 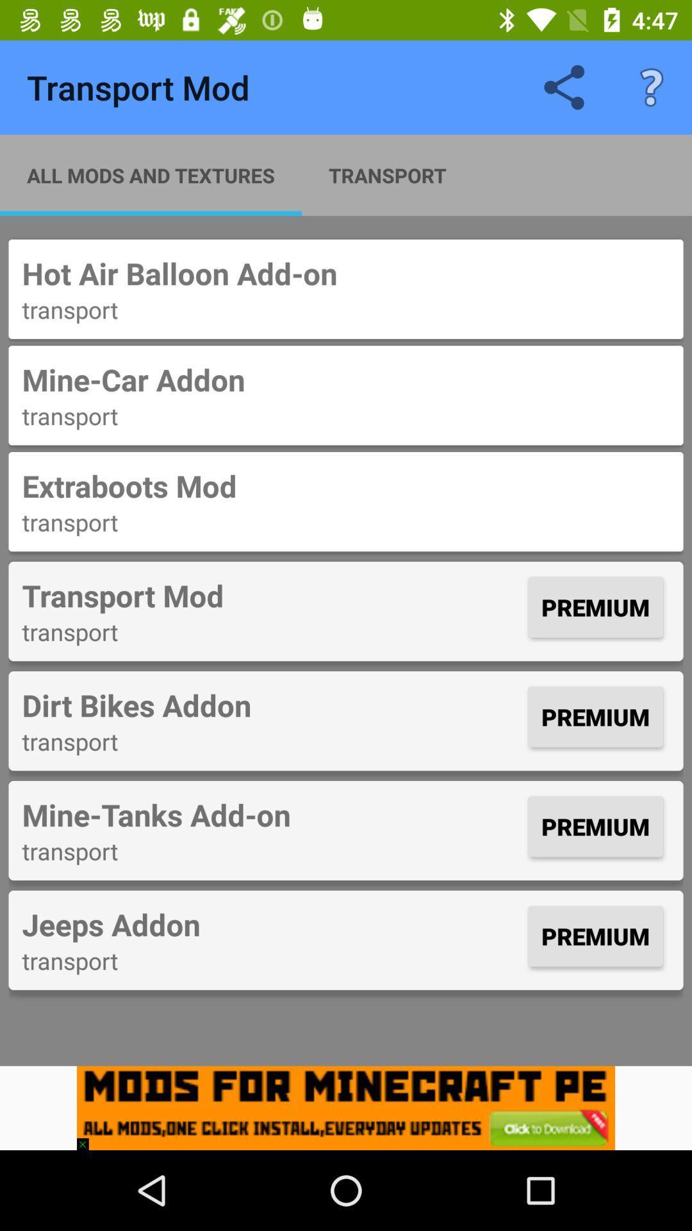 What do you see at coordinates (271, 704) in the screenshot?
I see `icon to the left of premium` at bounding box center [271, 704].